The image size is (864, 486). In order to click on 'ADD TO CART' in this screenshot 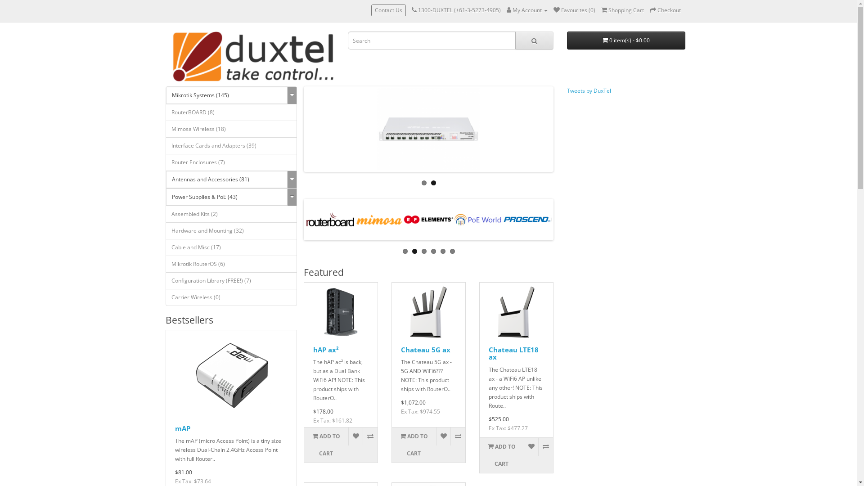, I will do `click(304, 444)`.